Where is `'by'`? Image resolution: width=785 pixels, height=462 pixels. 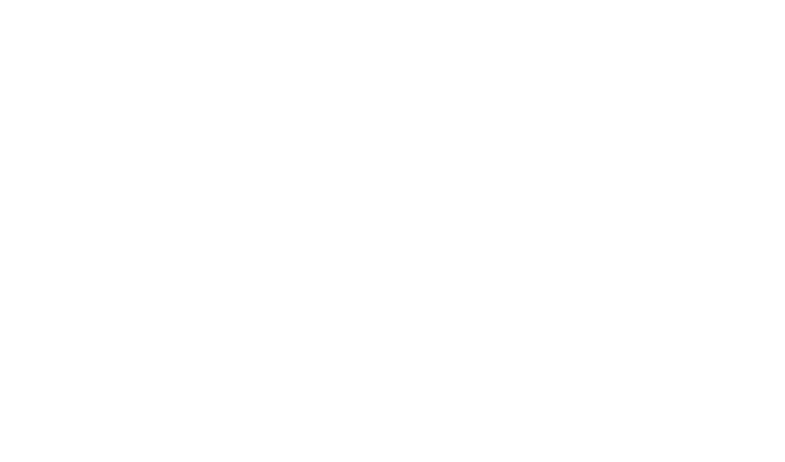
'by' is located at coordinates (450, 17).